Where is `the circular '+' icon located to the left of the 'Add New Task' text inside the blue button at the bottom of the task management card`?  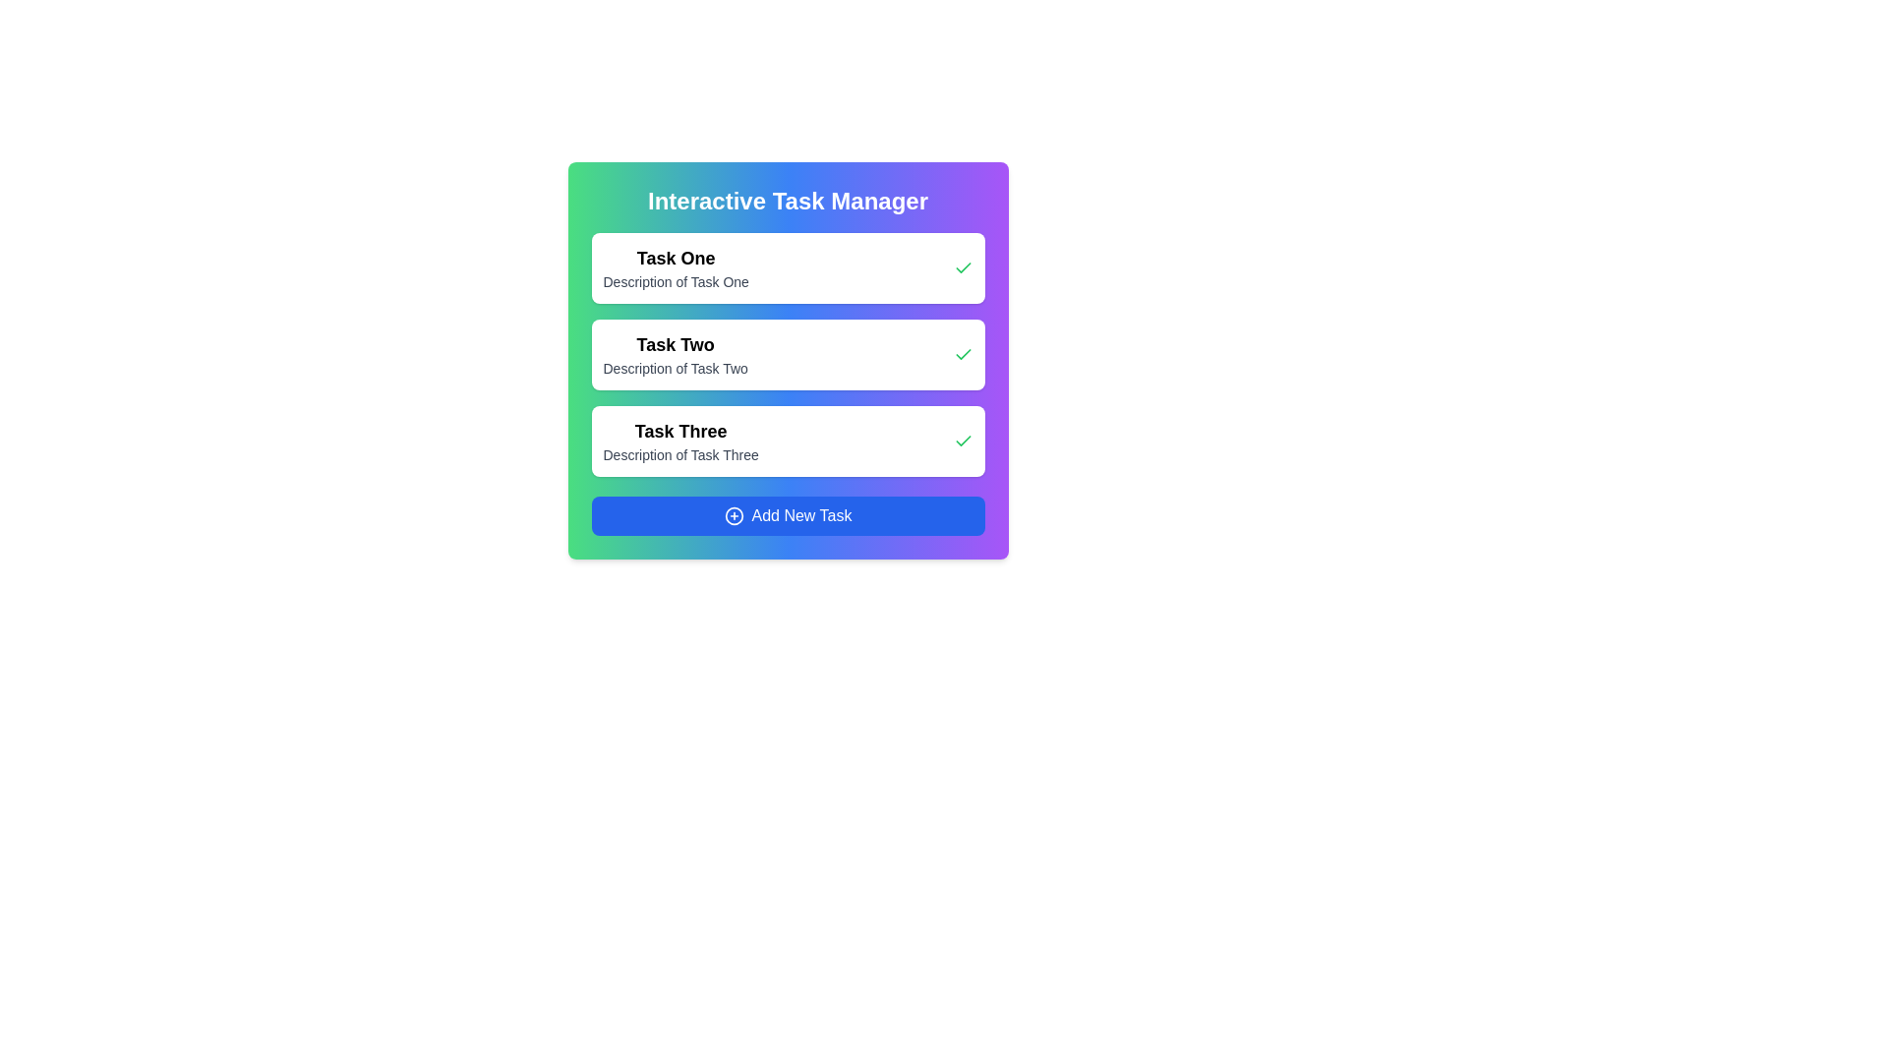
the circular '+' icon located to the left of the 'Add New Task' text inside the blue button at the bottom of the task management card is located at coordinates (733, 514).